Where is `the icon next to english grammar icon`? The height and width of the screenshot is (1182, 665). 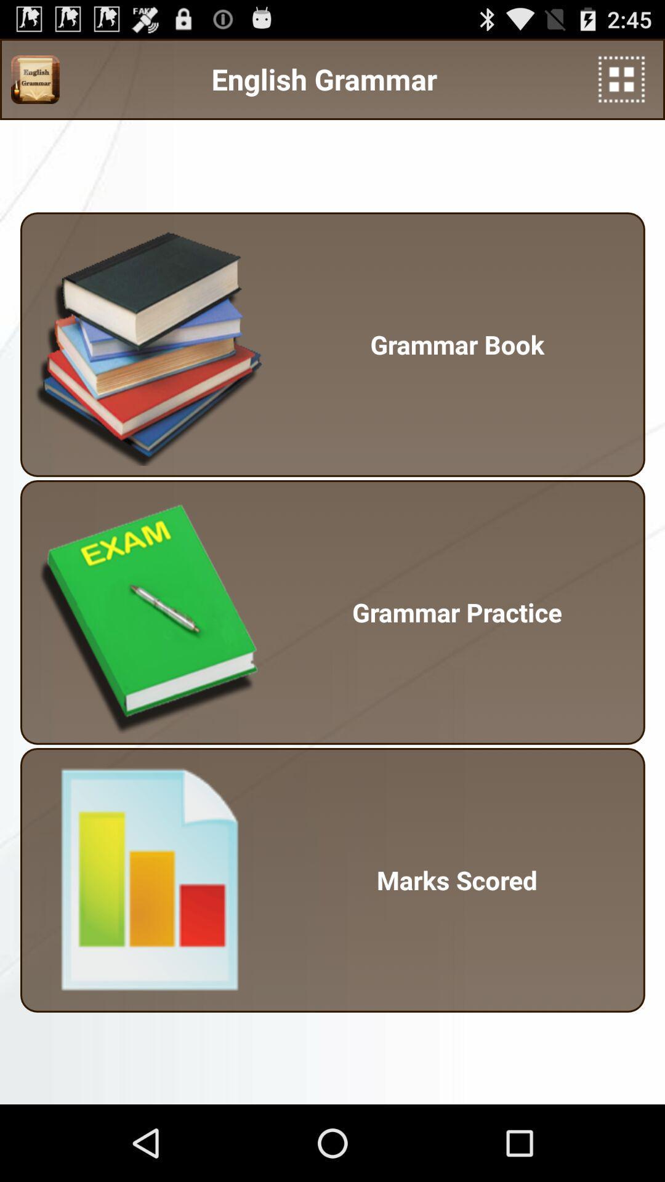
the icon next to english grammar icon is located at coordinates (621, 79).